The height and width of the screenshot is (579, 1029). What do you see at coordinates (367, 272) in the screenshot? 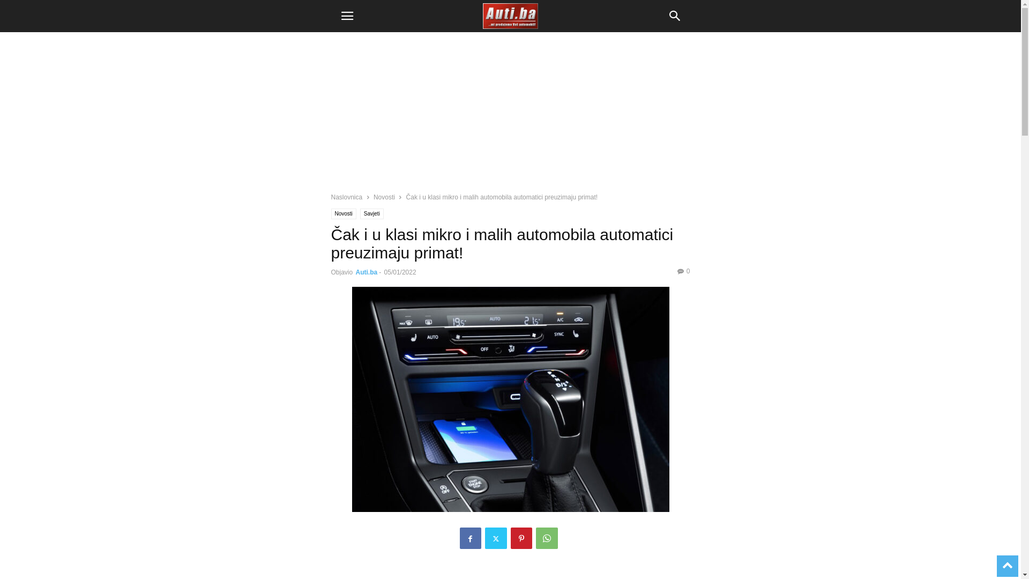
I see `'Auti.ba'` at bounding box center [367, 272].